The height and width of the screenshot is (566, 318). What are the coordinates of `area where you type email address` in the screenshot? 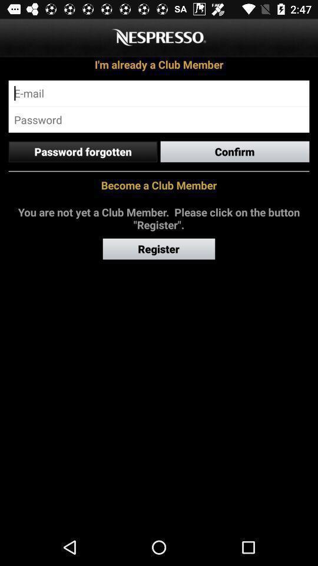 It's located at (159, 93).